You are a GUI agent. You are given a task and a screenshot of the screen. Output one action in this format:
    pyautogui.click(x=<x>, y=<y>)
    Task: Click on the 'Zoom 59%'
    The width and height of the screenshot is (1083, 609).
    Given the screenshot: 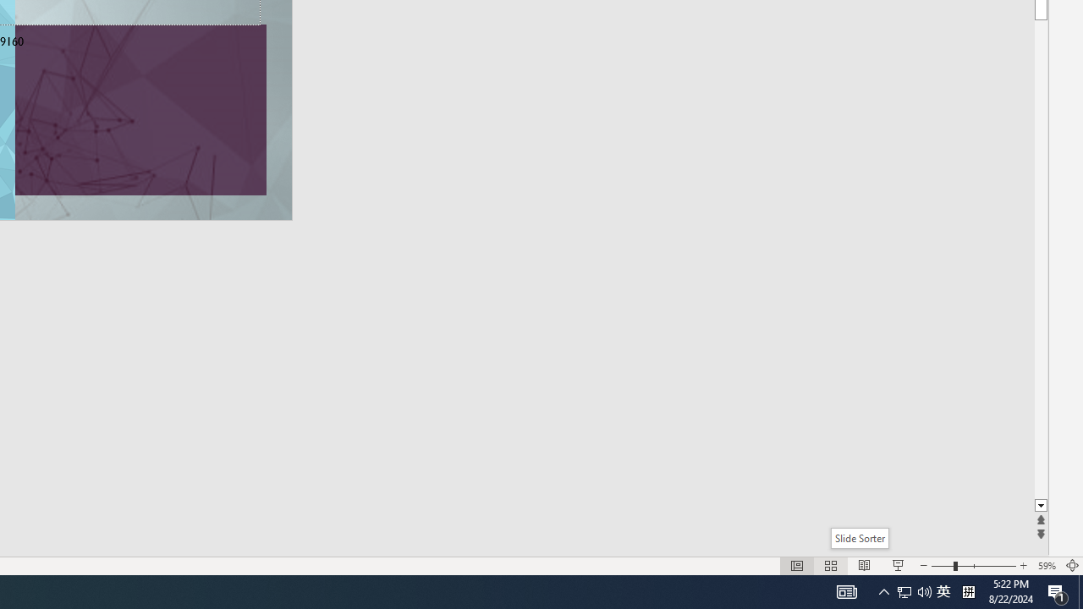 What is the action you would take?
    pyautogui.click(x=1046, y=566)
    